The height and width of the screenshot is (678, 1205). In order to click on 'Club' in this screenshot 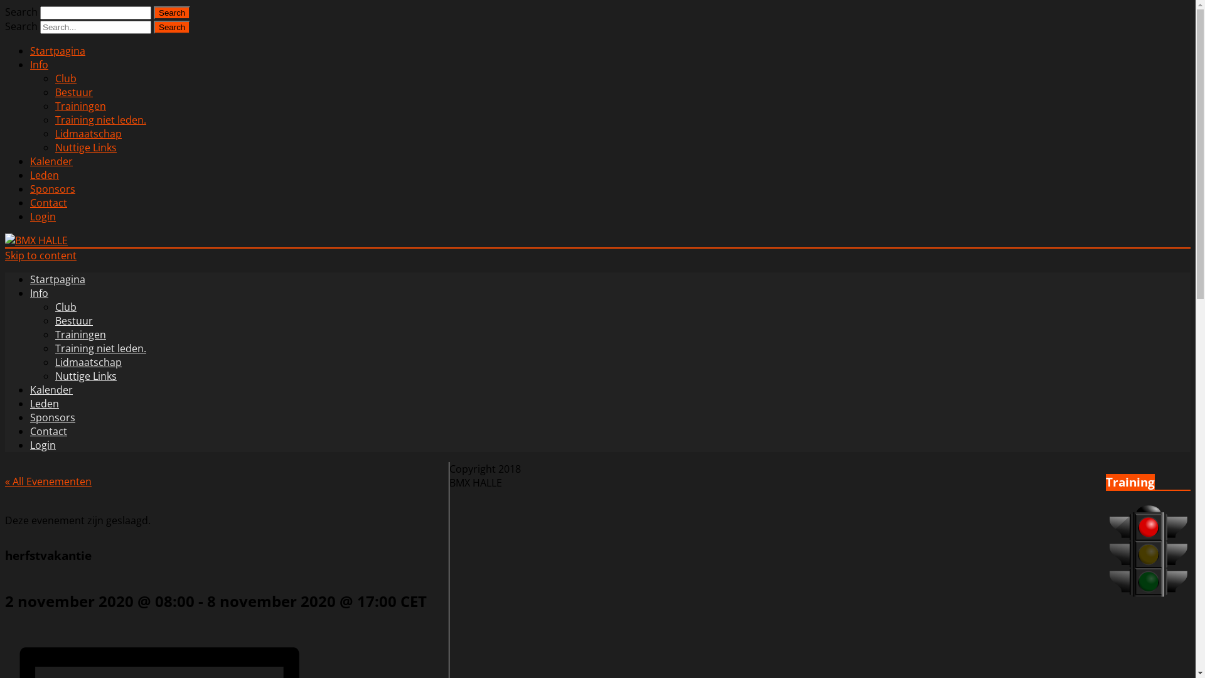, I will do `click(65, 78)`.